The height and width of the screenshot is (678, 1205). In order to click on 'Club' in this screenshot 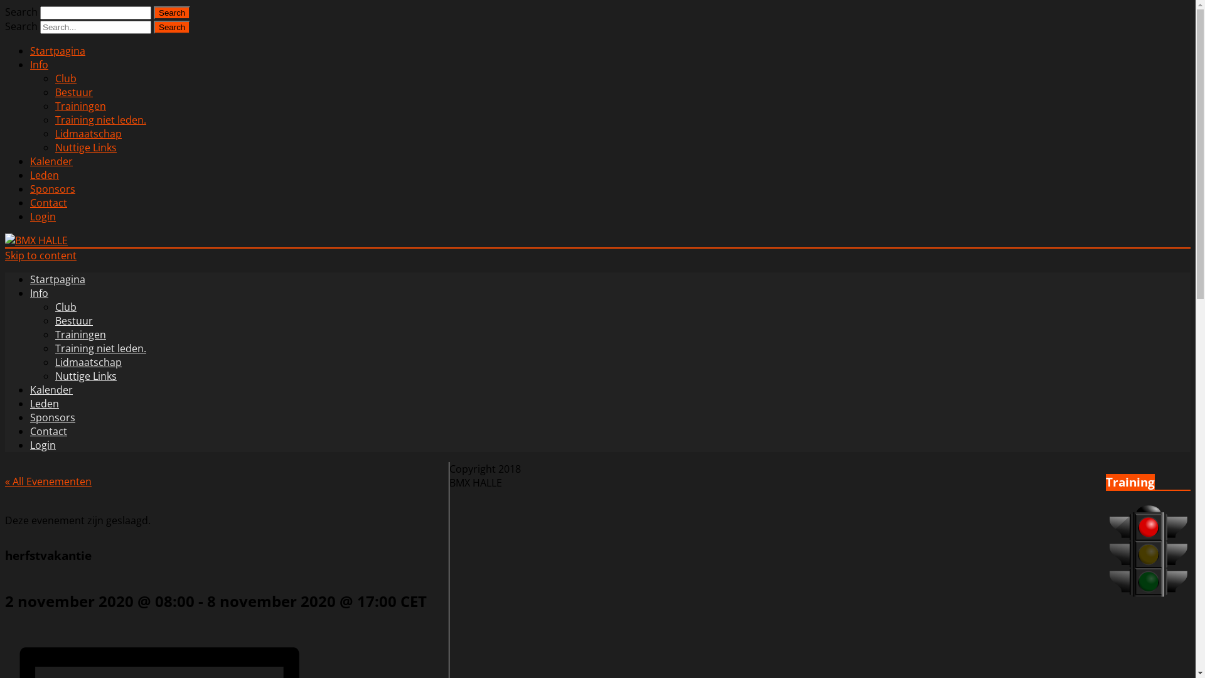, I will do `click(65, 78)`.